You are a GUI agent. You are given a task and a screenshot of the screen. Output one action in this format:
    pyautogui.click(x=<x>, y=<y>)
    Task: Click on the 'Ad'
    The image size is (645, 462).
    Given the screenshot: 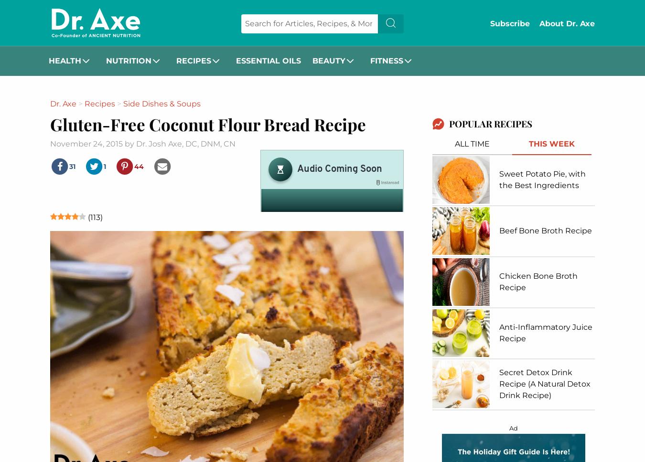 What is the action you would take?
    pyautogui.click(x=514, y=428)
    